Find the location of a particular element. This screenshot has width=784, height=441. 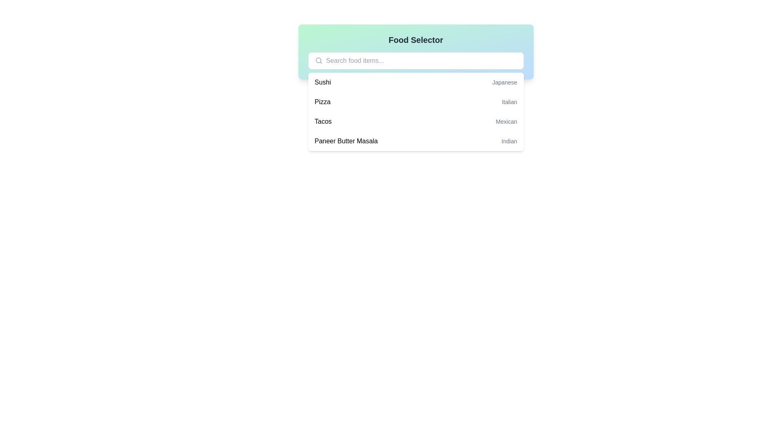

the search icon located to the left of the text input field in the search bar to understand its functionality is located at coordinates (318, 60).